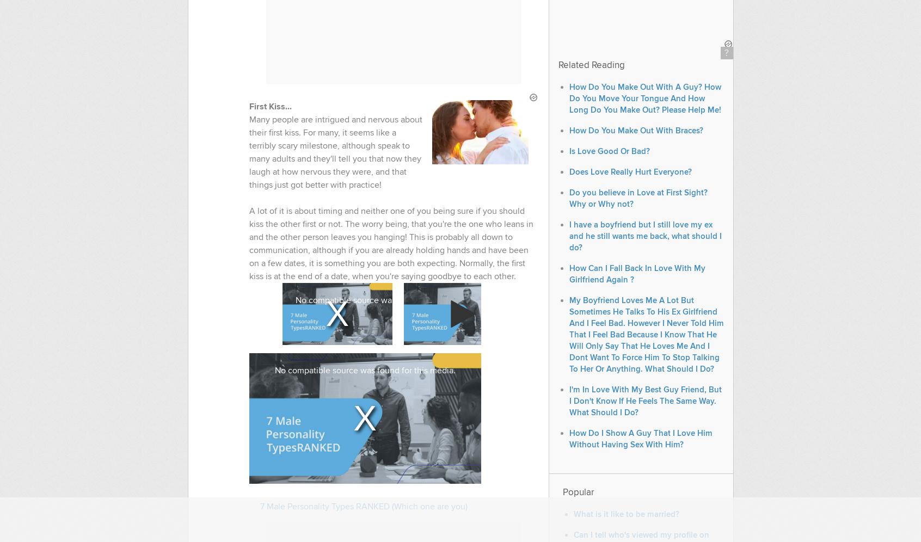  What do you see at coordinates (609, 151) in the screenshot?
I see `'Is Love Good Or Bad?'` at bounding box center [609, 151].